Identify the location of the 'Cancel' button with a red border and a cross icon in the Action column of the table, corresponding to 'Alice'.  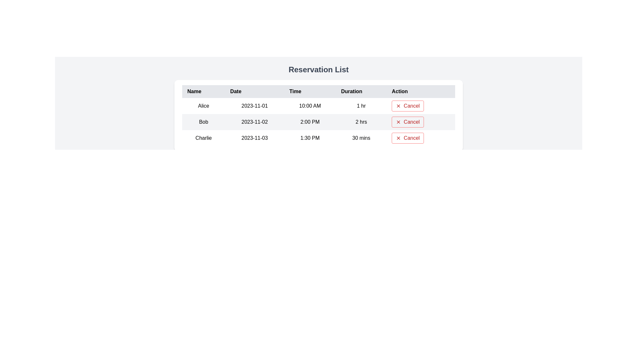
(407, 106).